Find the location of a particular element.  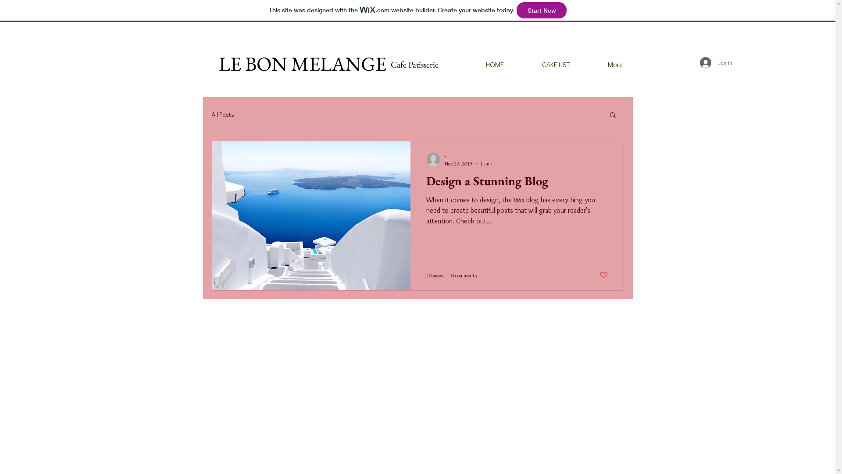

'HOME' is located at coordinates (481, 64).